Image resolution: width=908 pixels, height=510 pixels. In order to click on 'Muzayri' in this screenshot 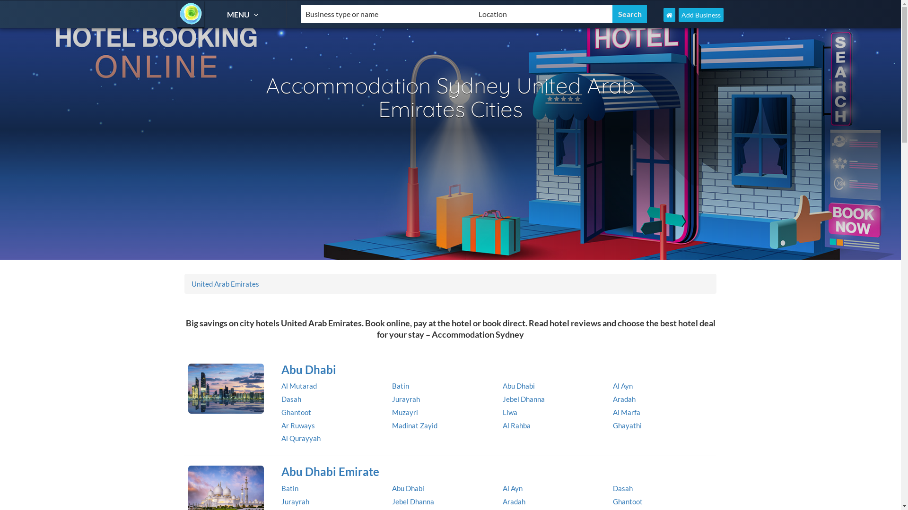, I will do `click(405, 411)`.